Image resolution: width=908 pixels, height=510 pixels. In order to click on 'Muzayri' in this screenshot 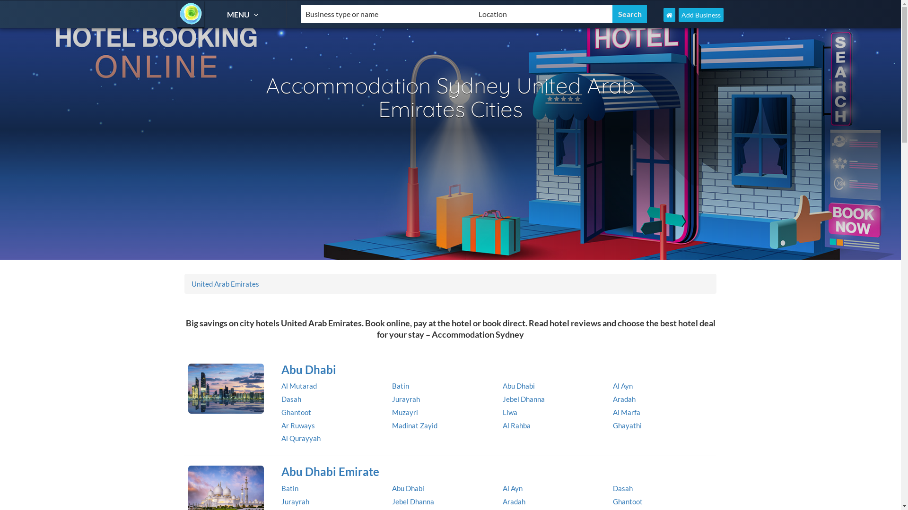, I will do `click(405, 411)`.